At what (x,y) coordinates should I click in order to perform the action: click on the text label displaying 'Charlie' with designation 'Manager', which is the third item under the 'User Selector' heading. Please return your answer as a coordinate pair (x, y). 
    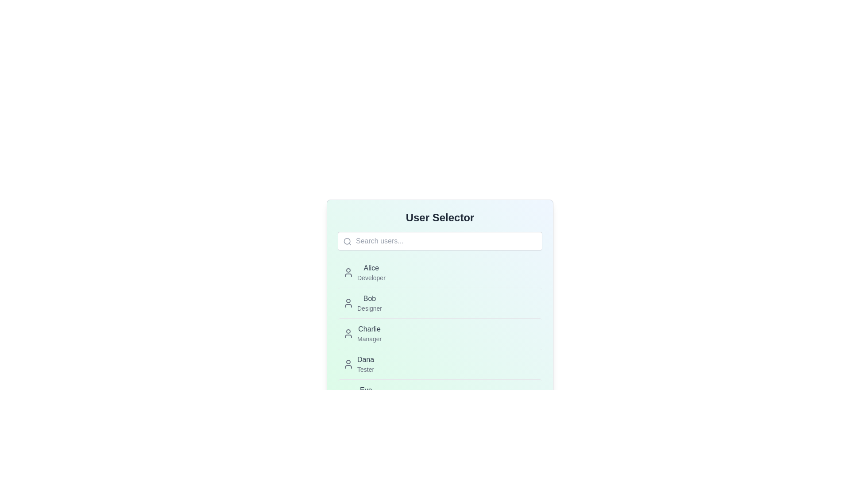
    Looking at the image, I should click on (369, 333).